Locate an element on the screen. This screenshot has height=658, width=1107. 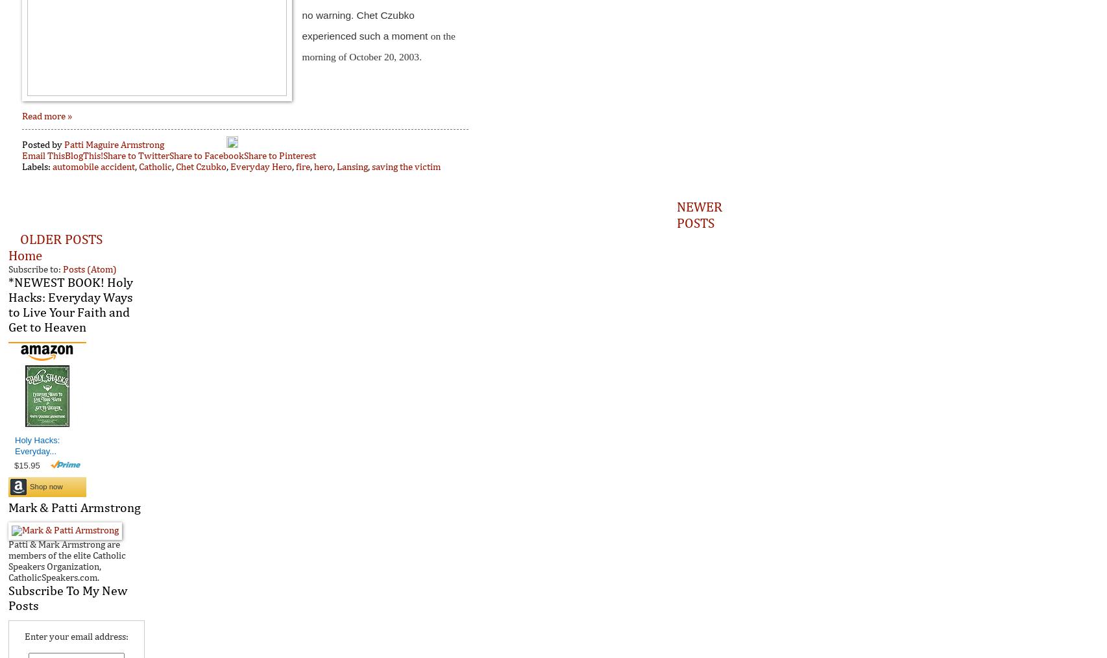
'Mark & Patti Armstrong' is located at coordinates (74, 507).